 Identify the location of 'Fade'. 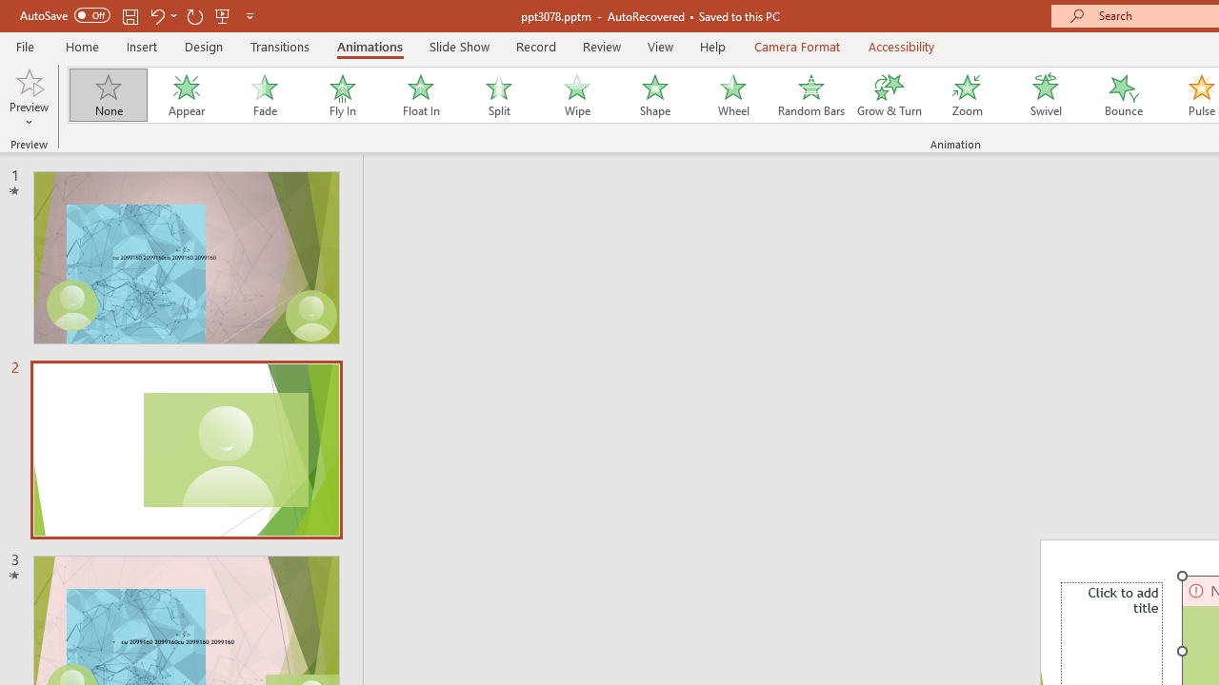
(263, 95).